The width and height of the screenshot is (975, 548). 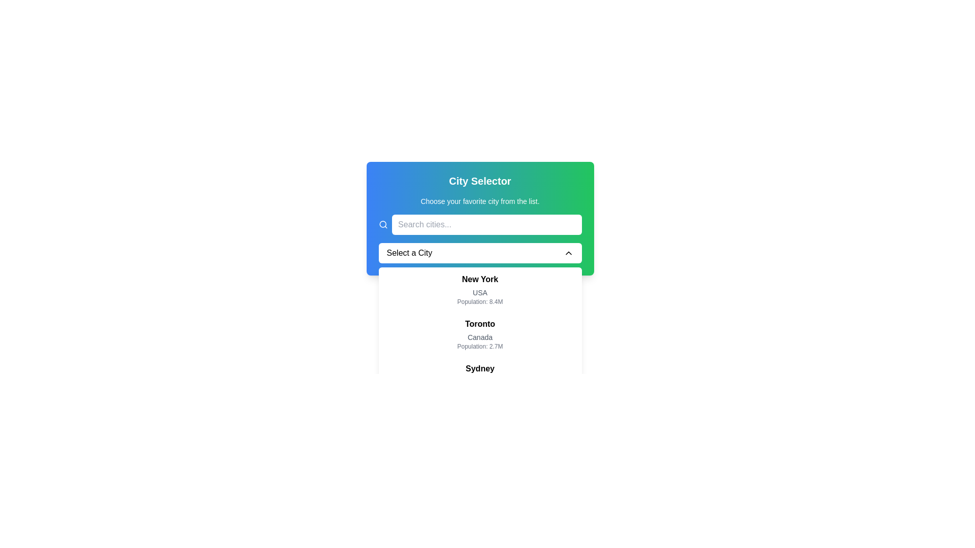 I want to click on the Information card that displays details about a specific city, located at the top of the City Selector list, so click(x=479, y=289).